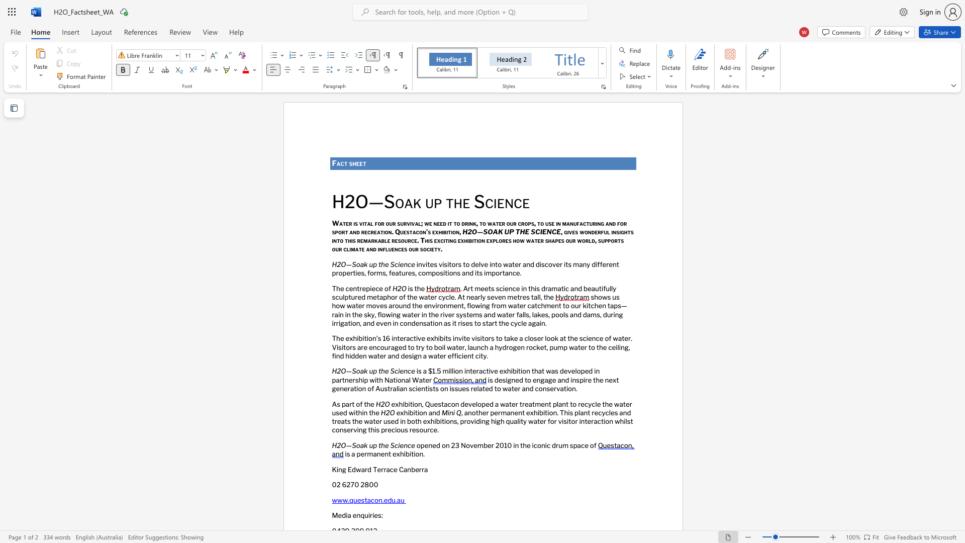  I want to click on the subset text "acon.edu" within the text "www.questacon.edu.au", so click(366, 500).